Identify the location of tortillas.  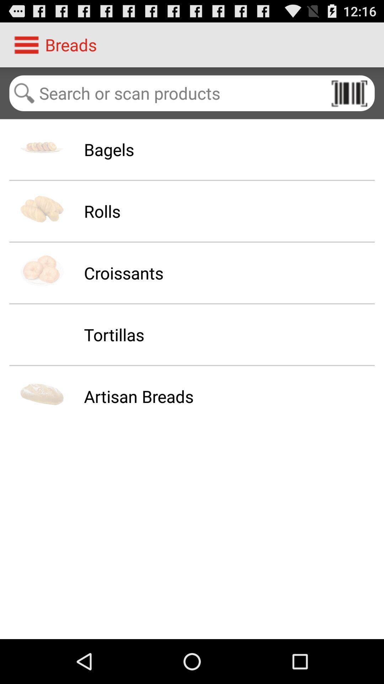
(113, 334).